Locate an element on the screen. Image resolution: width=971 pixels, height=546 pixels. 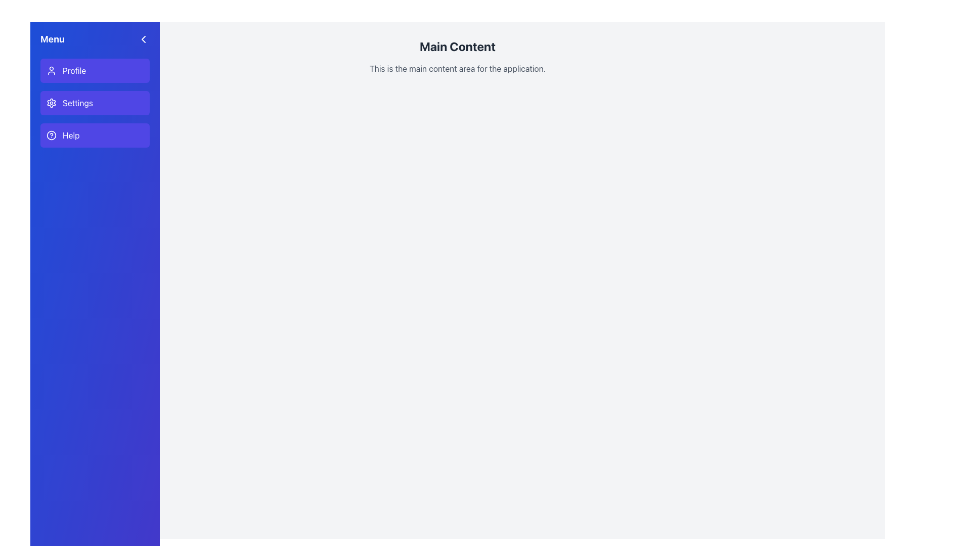
the settings icon, which is a cogwheel design located on the left navigation panel adjacent to the 'Settings' text is located at coordinates (51, 103).